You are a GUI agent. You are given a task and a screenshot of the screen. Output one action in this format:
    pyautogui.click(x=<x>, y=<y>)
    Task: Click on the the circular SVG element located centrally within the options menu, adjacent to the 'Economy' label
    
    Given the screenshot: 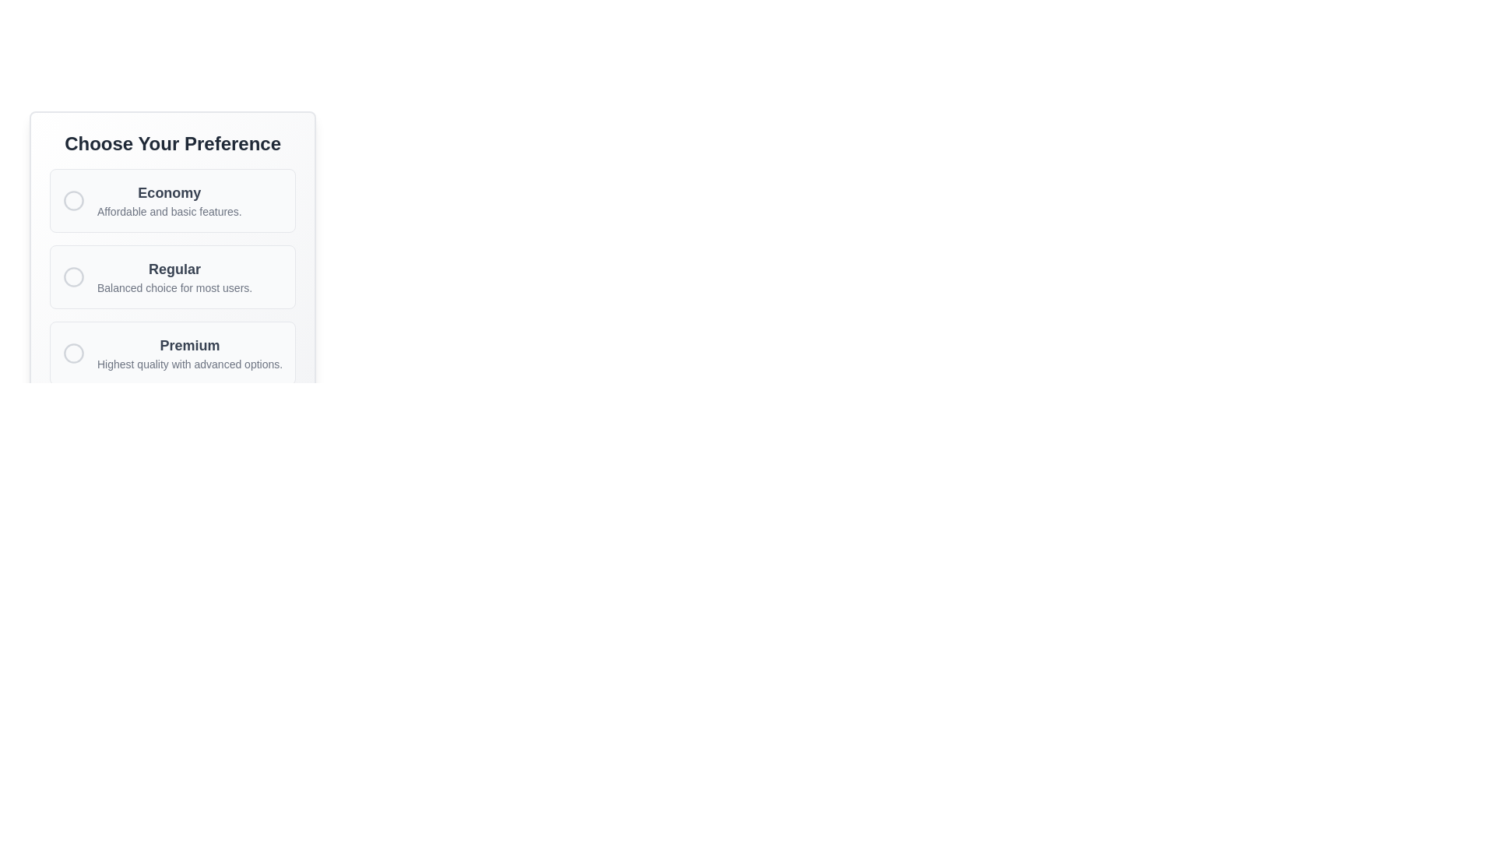 What is the action you would take?
    pyautogui.click(x=73, y=200)
    